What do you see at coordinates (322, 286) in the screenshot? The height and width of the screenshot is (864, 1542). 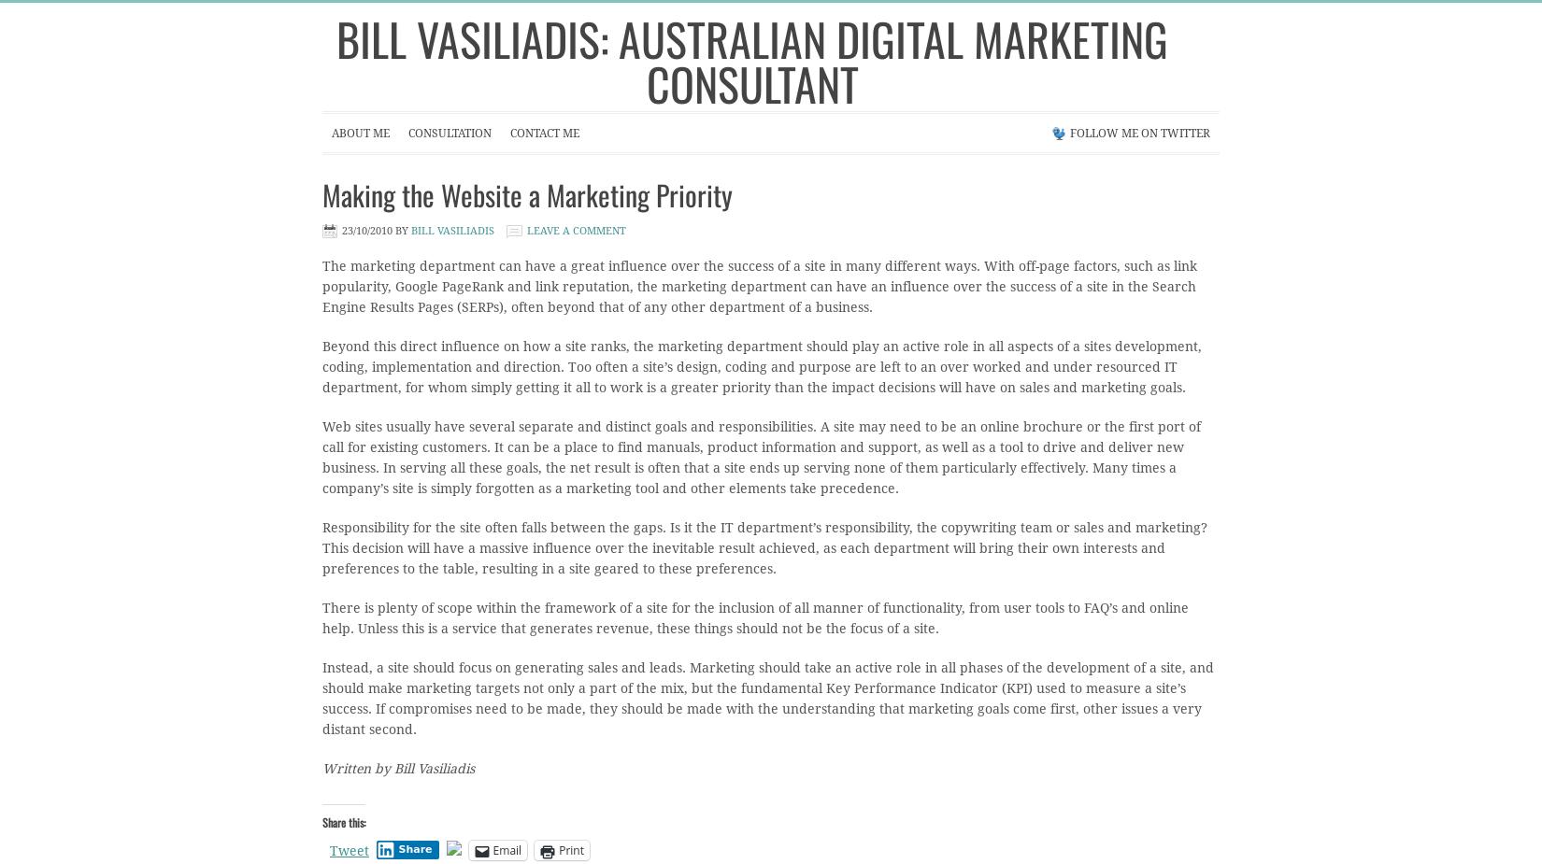 I see `'The marketing department can have a great influence over the success of a site in many different ways. With off-page factors, such as link popularity, Google PageRank and link reputation, the marketing department can have an influence over the success of a site in the Search Engine Results Pages (SERPs), often beyond that of any other department of a business.'` at bounding box center [322, 286].